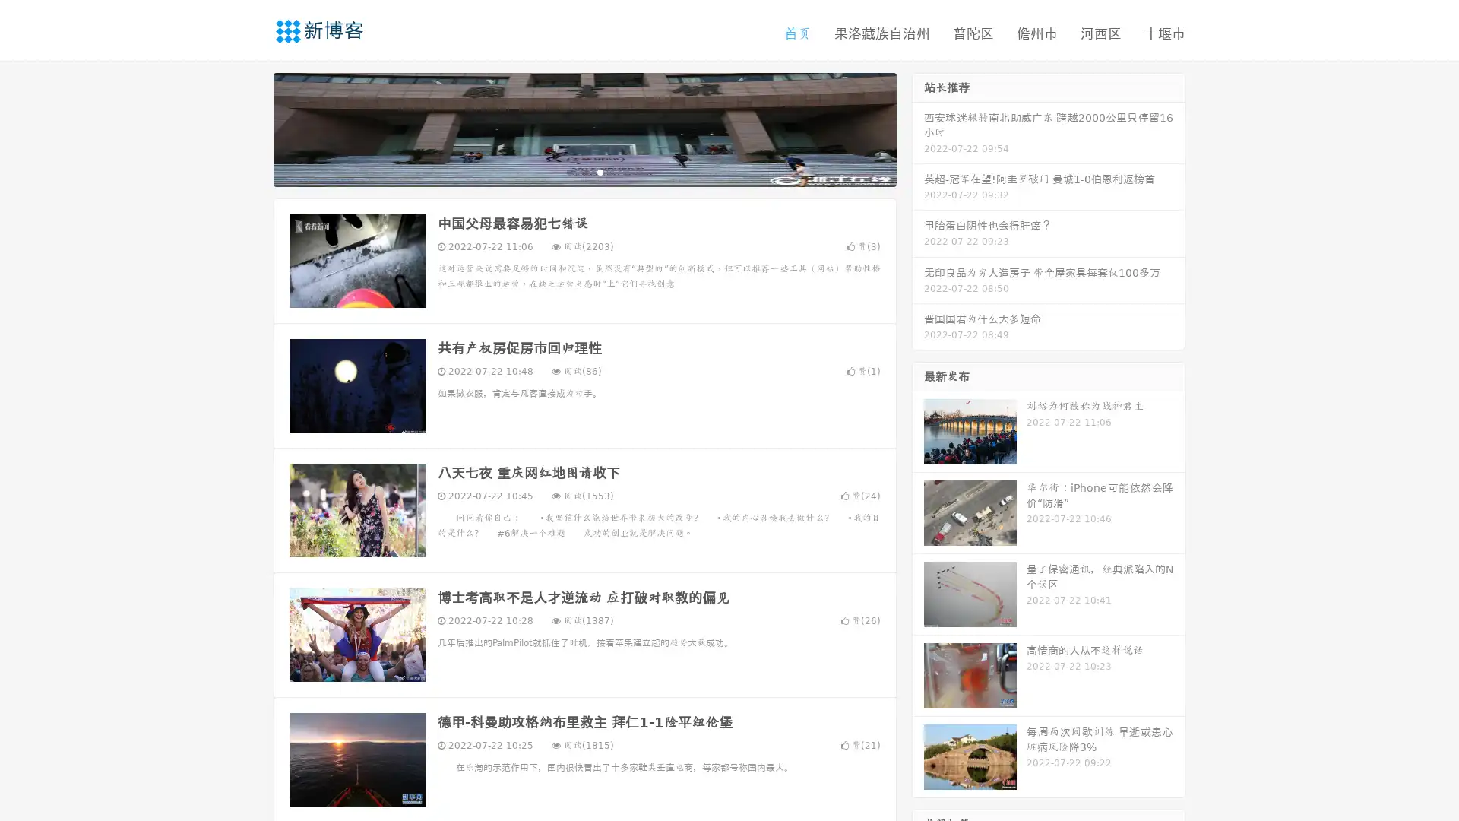 Image resolution: width=1459 pixels, height=821 pixels. Describe the element at coordinates (568, 171) in the screenshot. I see `Go to slide 1` at that location.